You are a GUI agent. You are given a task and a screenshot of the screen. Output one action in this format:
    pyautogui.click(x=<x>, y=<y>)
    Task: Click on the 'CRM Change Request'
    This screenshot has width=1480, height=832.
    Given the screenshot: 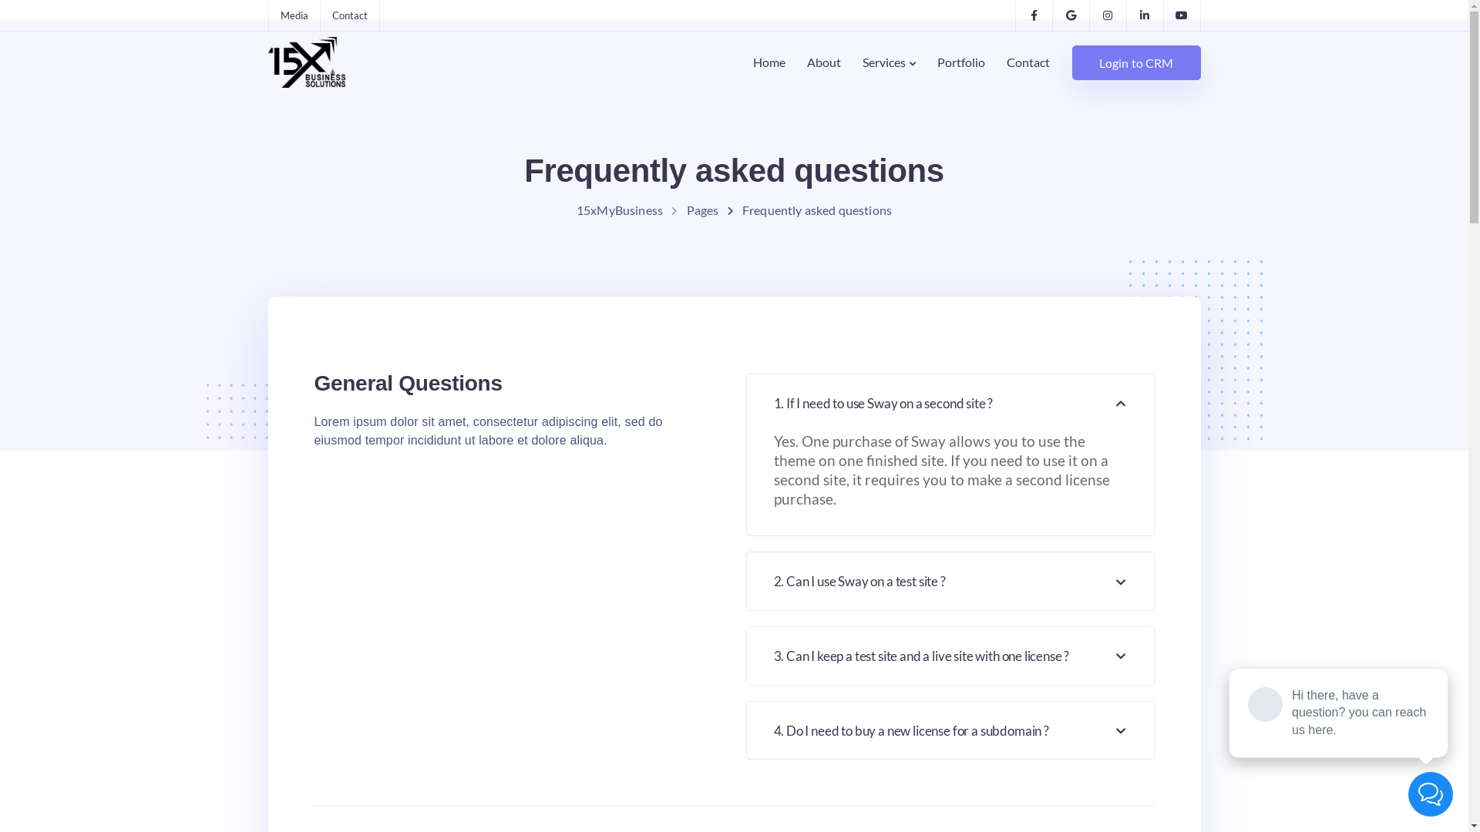 What is the action you would take?
    pyautogui.click(x=867, y=606)
    